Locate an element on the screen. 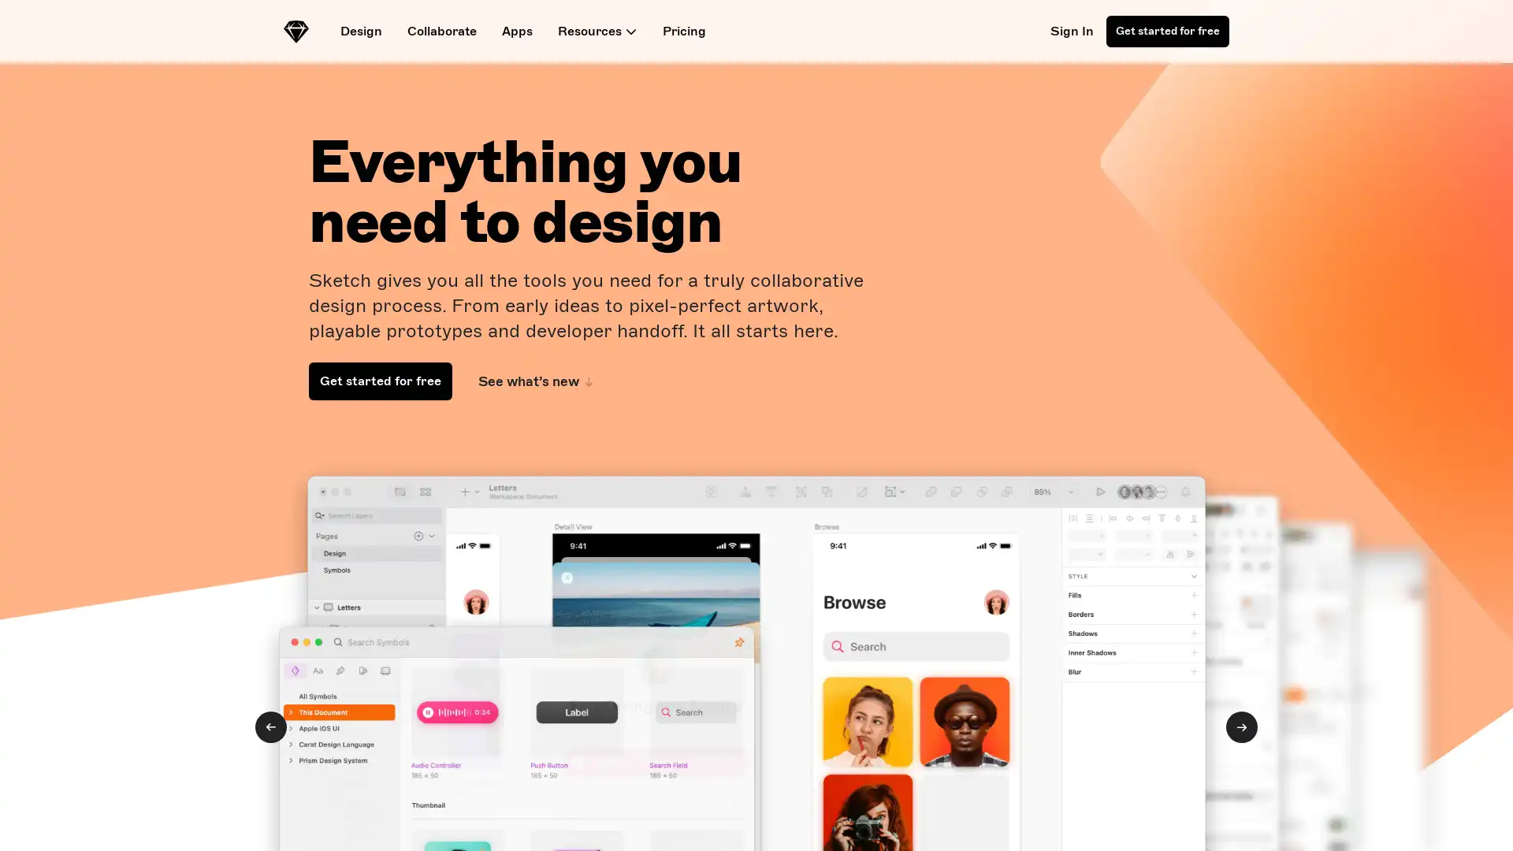 This screenshot has height=851, width=1513. Collaborate is located at coordinates (1240, 727).